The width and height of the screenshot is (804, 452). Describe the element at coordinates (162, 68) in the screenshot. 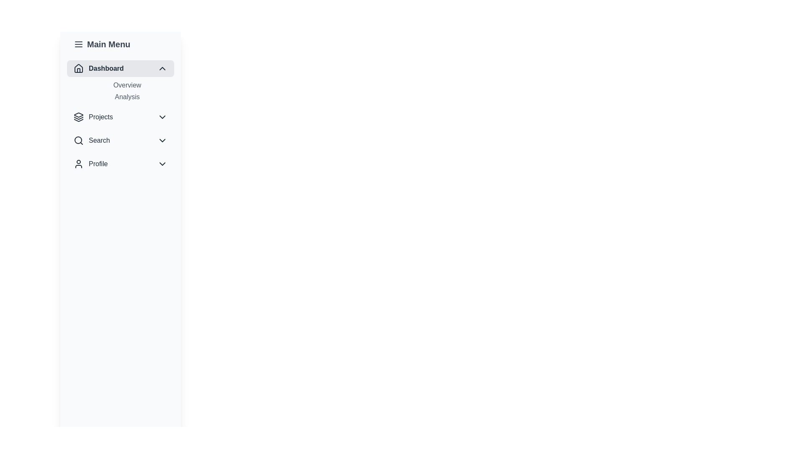

I see `the upward-pointing chevron icon located at the far right of the 'Dashboard' button` at that location.